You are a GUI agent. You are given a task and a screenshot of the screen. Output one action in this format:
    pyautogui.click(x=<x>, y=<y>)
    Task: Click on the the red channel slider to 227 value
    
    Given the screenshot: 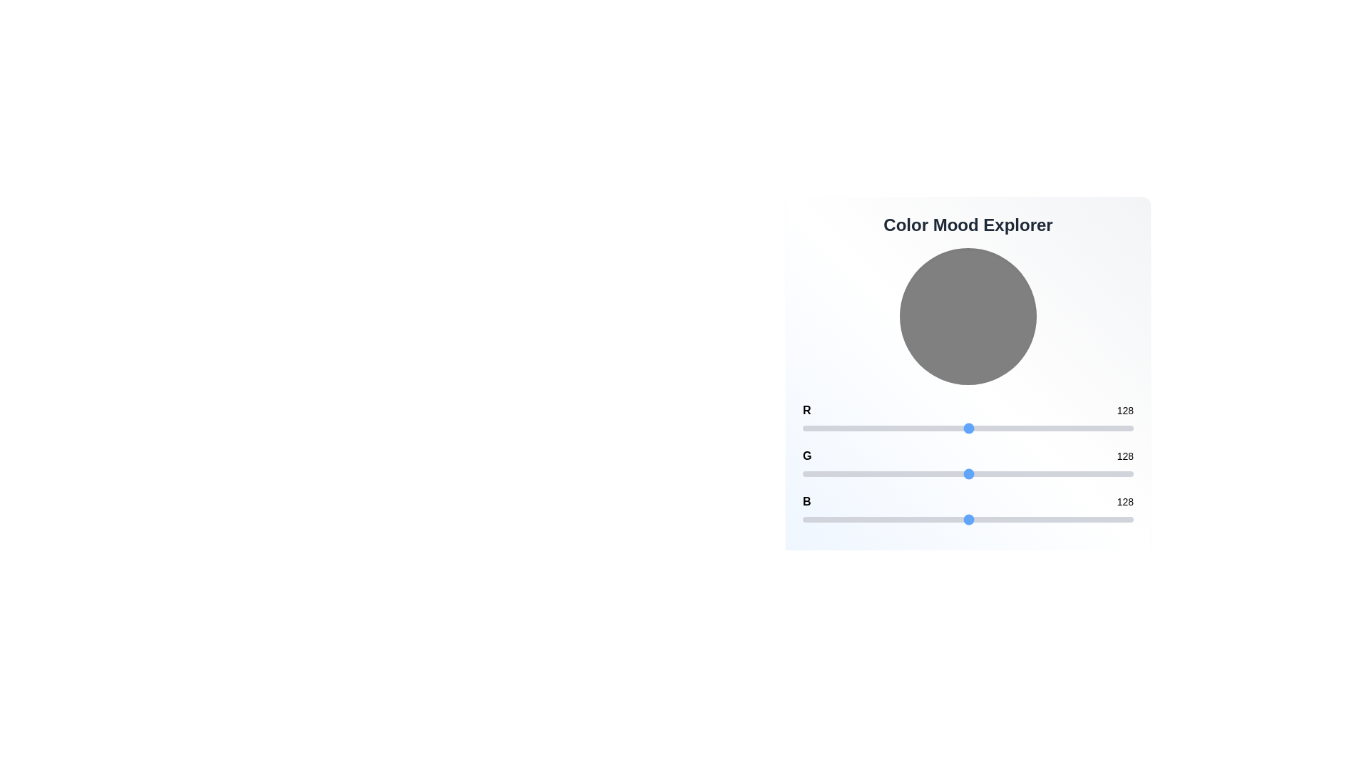 What is the action you would take?
    pyautogui.click(x=1097, y=428)
    